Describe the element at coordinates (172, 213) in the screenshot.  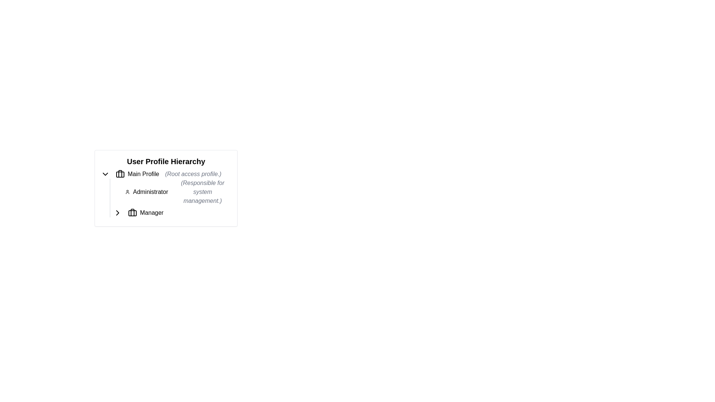
I see `the expandable list item labeled 'Manager' to show navigation options` at that location.